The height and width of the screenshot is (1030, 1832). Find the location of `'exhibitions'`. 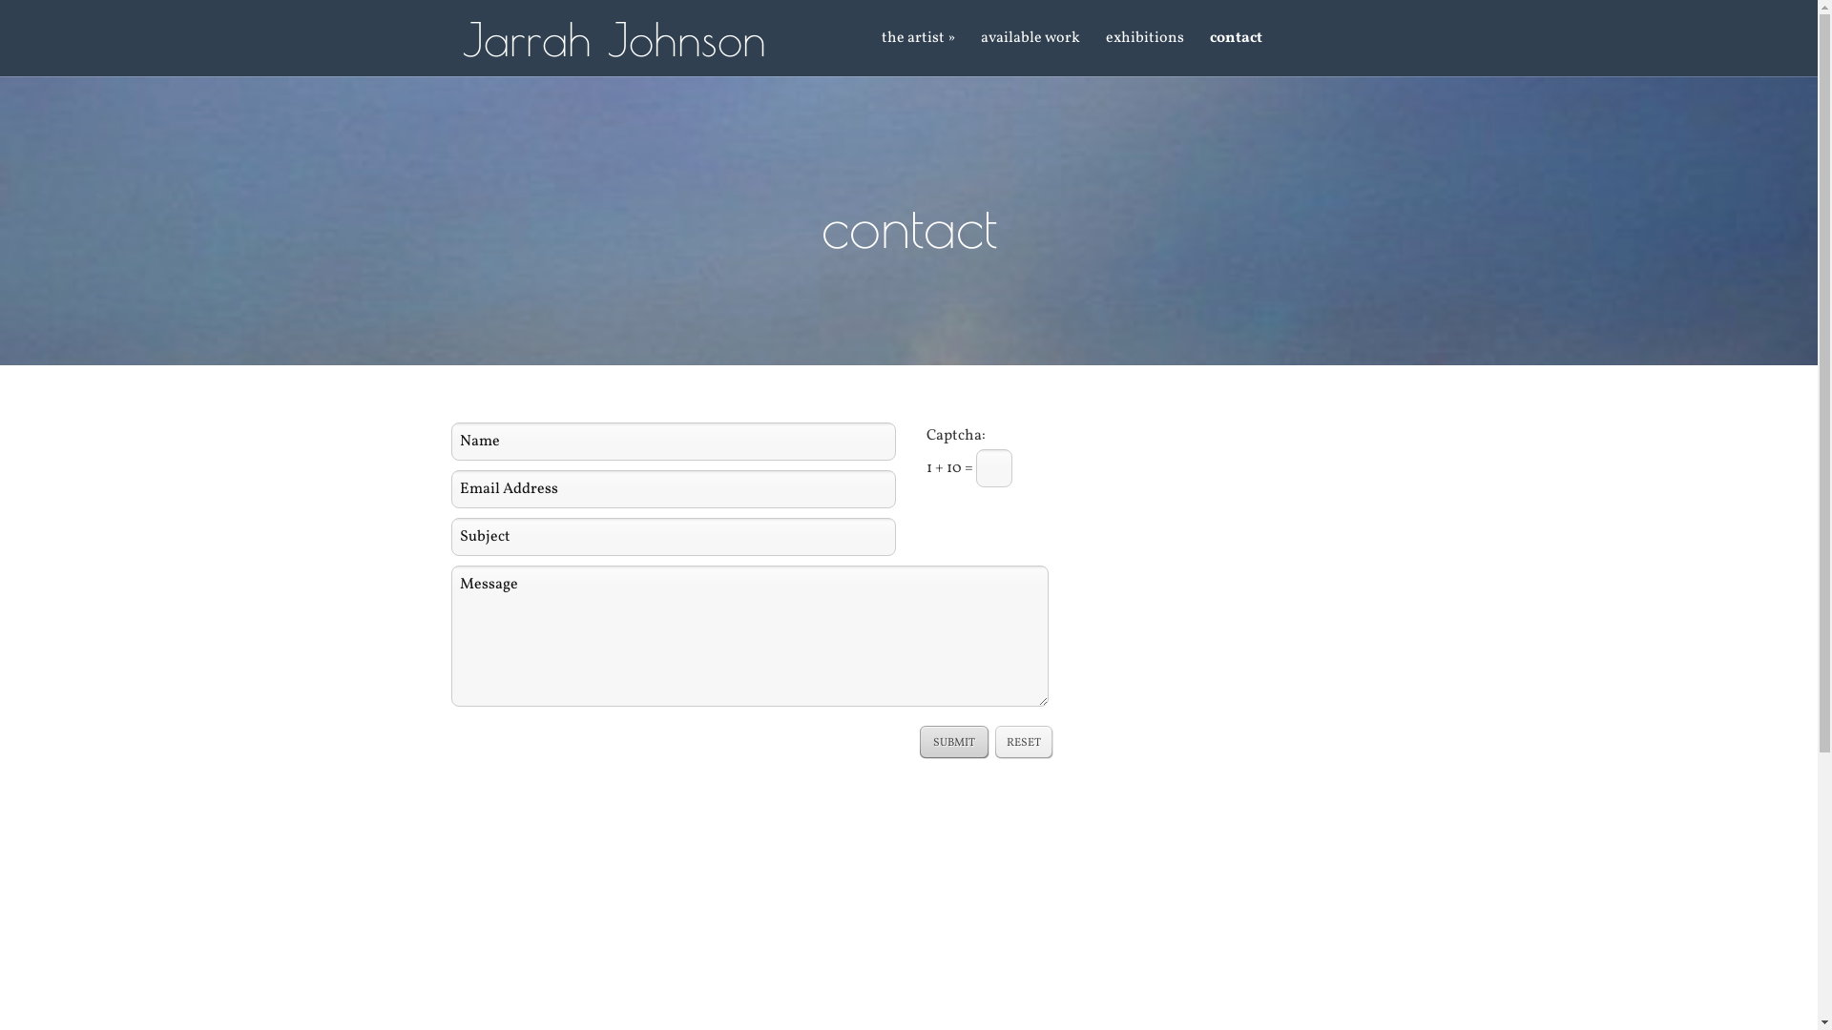

'exhibitions' is located at coordinates (1145, 52).